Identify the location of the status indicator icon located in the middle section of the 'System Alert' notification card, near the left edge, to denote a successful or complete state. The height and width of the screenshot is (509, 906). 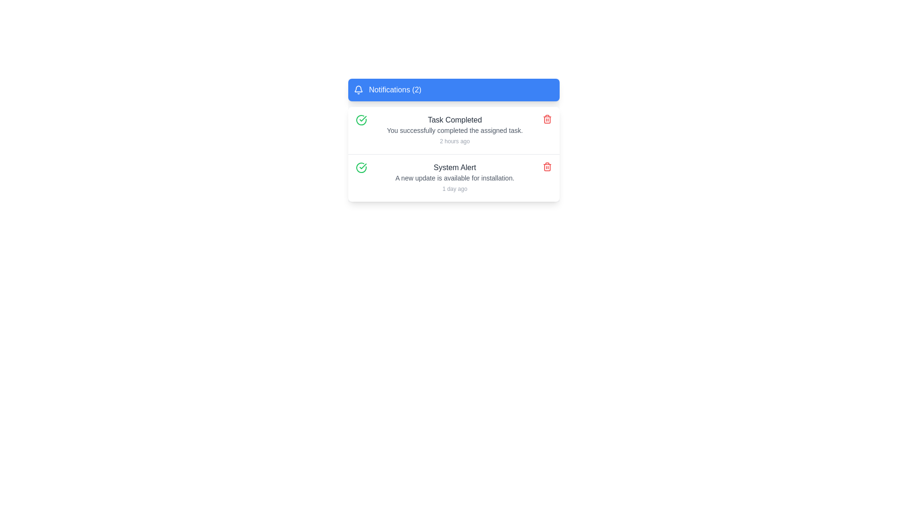
(361, 167).